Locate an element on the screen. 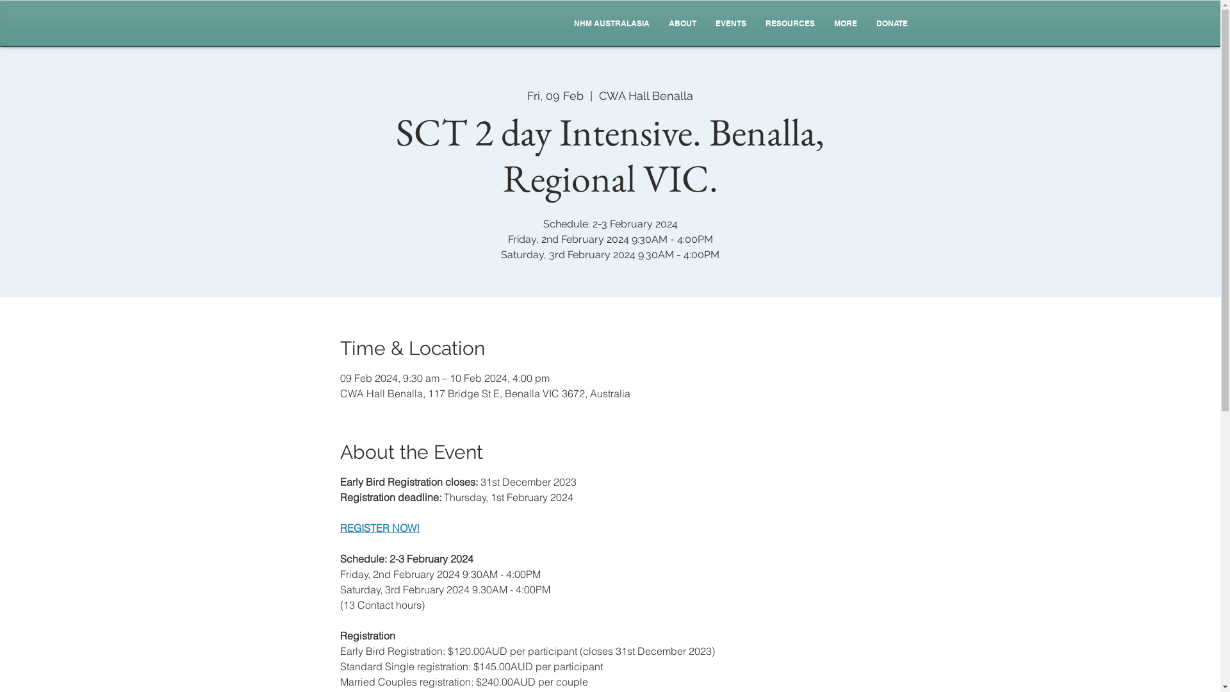 This screenshot has width=1230, height=692. 'REGISTER NOW!' is located at coordinates (379, 528).